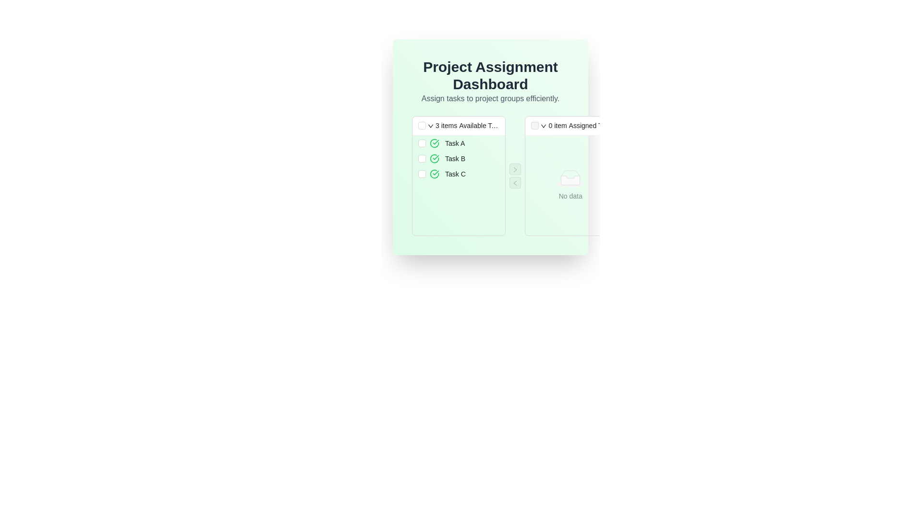  Describe the element at coordinates (434, 143) in the screenshot. I see `the graphical icon that indicates the completion state of 'Task A' within the list view` at that location.